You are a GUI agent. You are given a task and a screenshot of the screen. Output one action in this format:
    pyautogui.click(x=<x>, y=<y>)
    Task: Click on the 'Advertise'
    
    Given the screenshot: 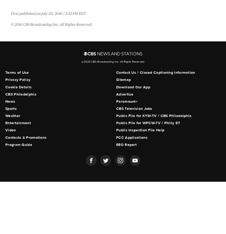 What is the action you would take?
    pyautogui.click(x=125, y=94)
    